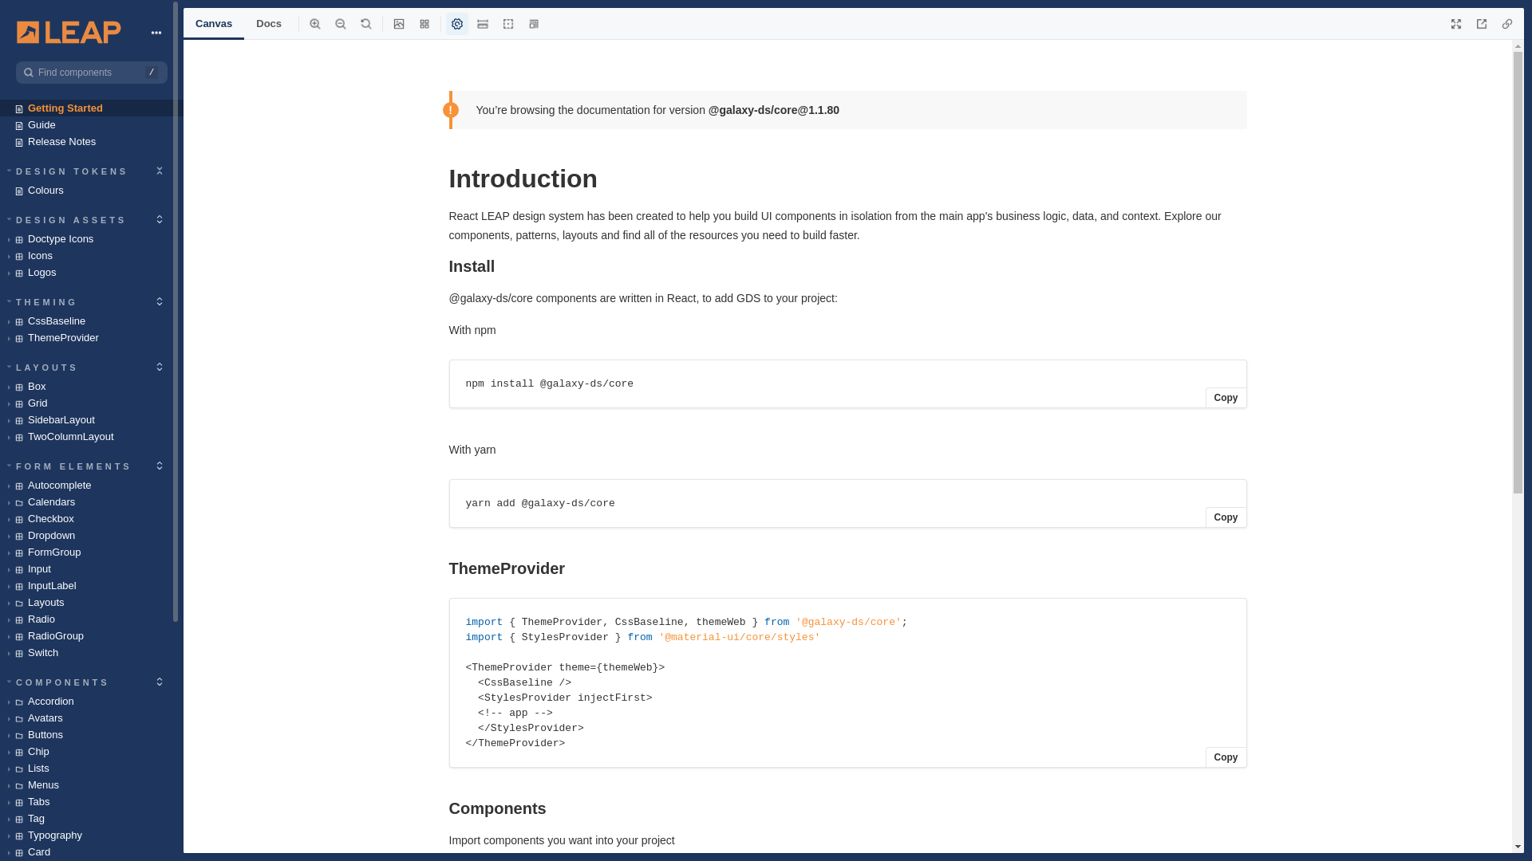 This screenshot has width=1532, height=861. What do you see at coordinates (91, 501) in the screenshot?
I see `'Calendars'` at bounding box center [91, 501].